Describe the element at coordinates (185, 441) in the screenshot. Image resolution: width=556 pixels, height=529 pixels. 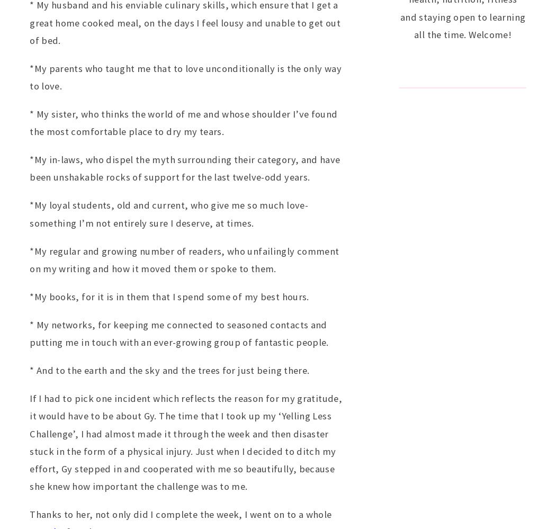
I see `'If I had to pick one incident which reflects the reason for my gratitude, it would have to be about Gy. The time that I took up my ‘Yelling Less Challenge’, I had almost made it through the week and then disaster stuck in the form of a physical injury. Just when I decided to ditch my effort, Gy stepped in and cooperated with me so beautifully, because she knew how important the challenge was to me.'` at that location.